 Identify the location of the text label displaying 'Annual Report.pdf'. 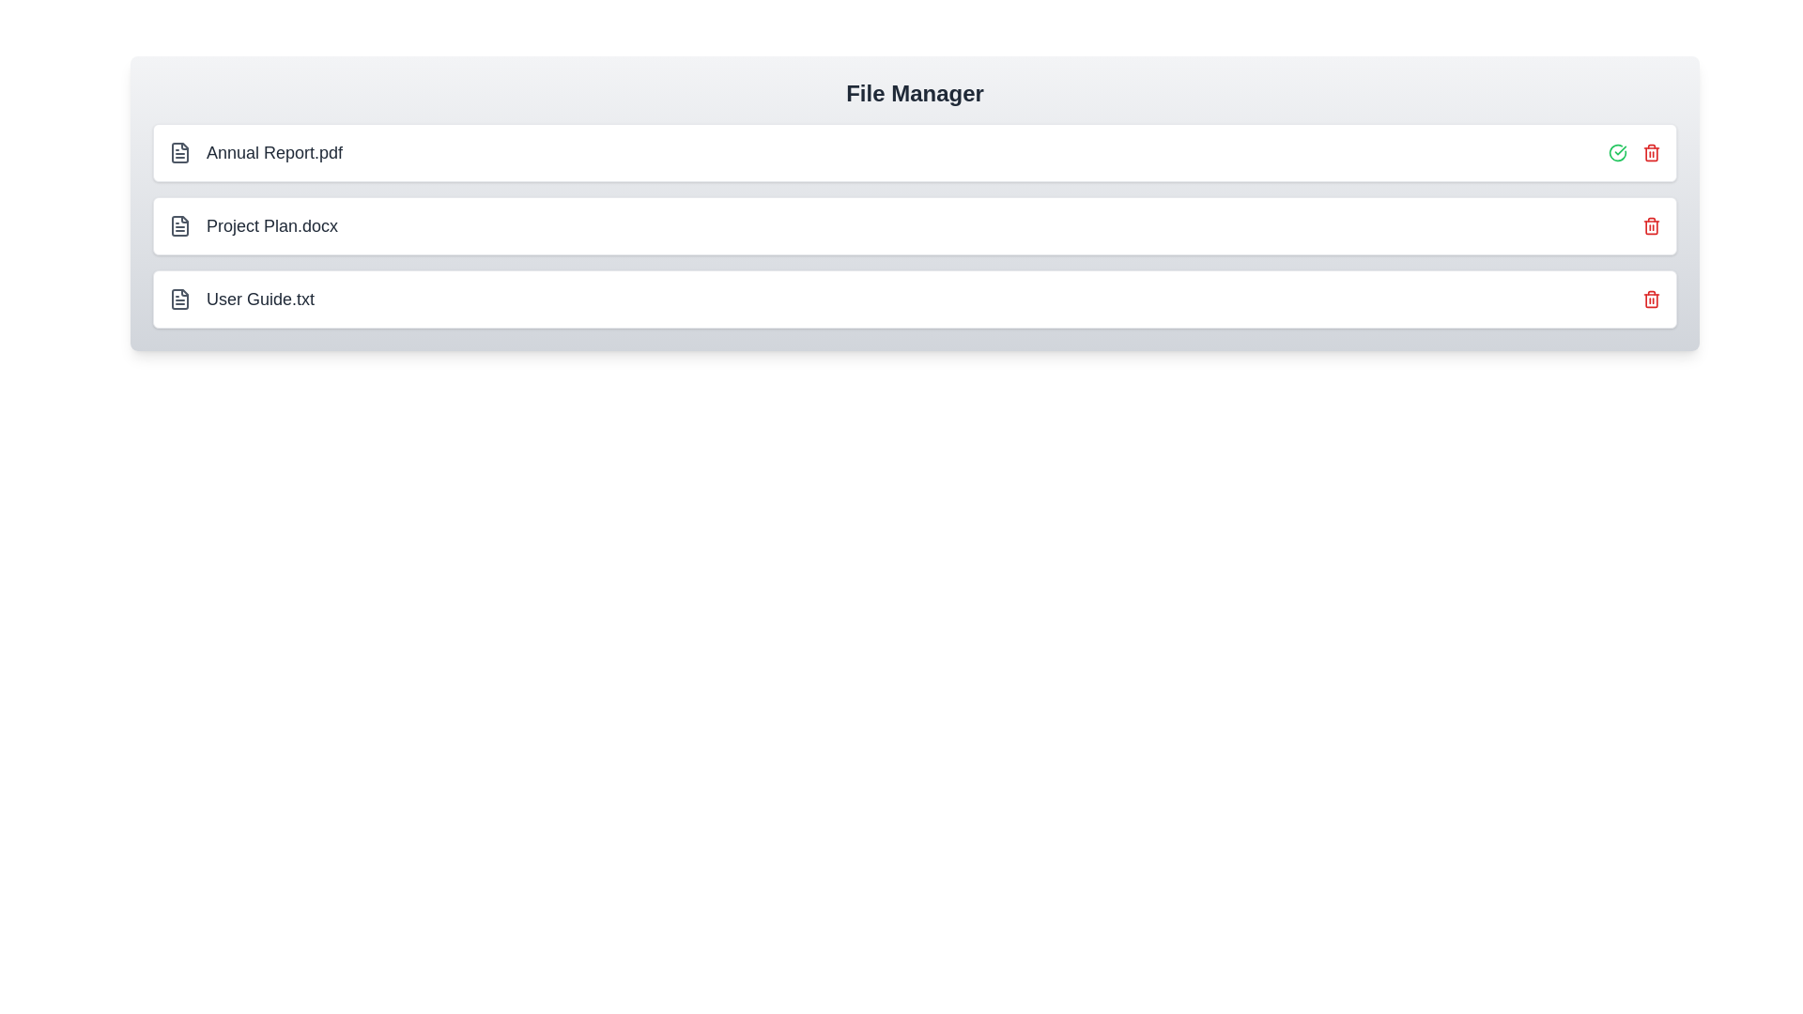
(273, 151).